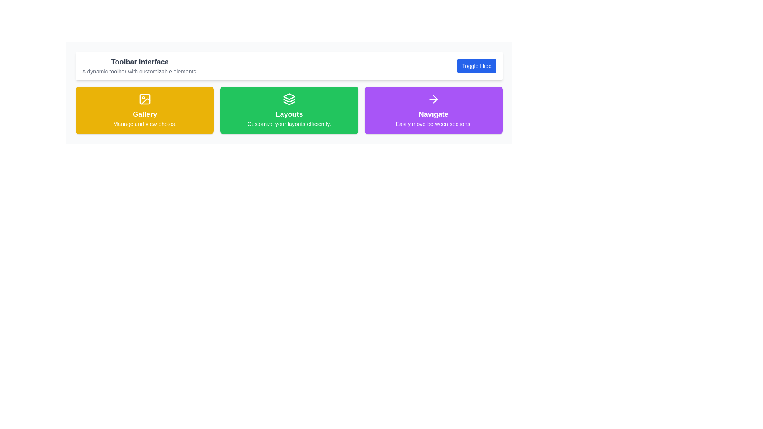 Image resolution: width=763 pixels, height=429 pixels. Describe the element at coordinates (433, 124) in the screenshot. I see `the static text element containing the text 'Easily move between sections.' which is styled in a small-sized font and located within a purple card beneath the 'Navigate' text and adjacent to a right-arrow icon` at that location.